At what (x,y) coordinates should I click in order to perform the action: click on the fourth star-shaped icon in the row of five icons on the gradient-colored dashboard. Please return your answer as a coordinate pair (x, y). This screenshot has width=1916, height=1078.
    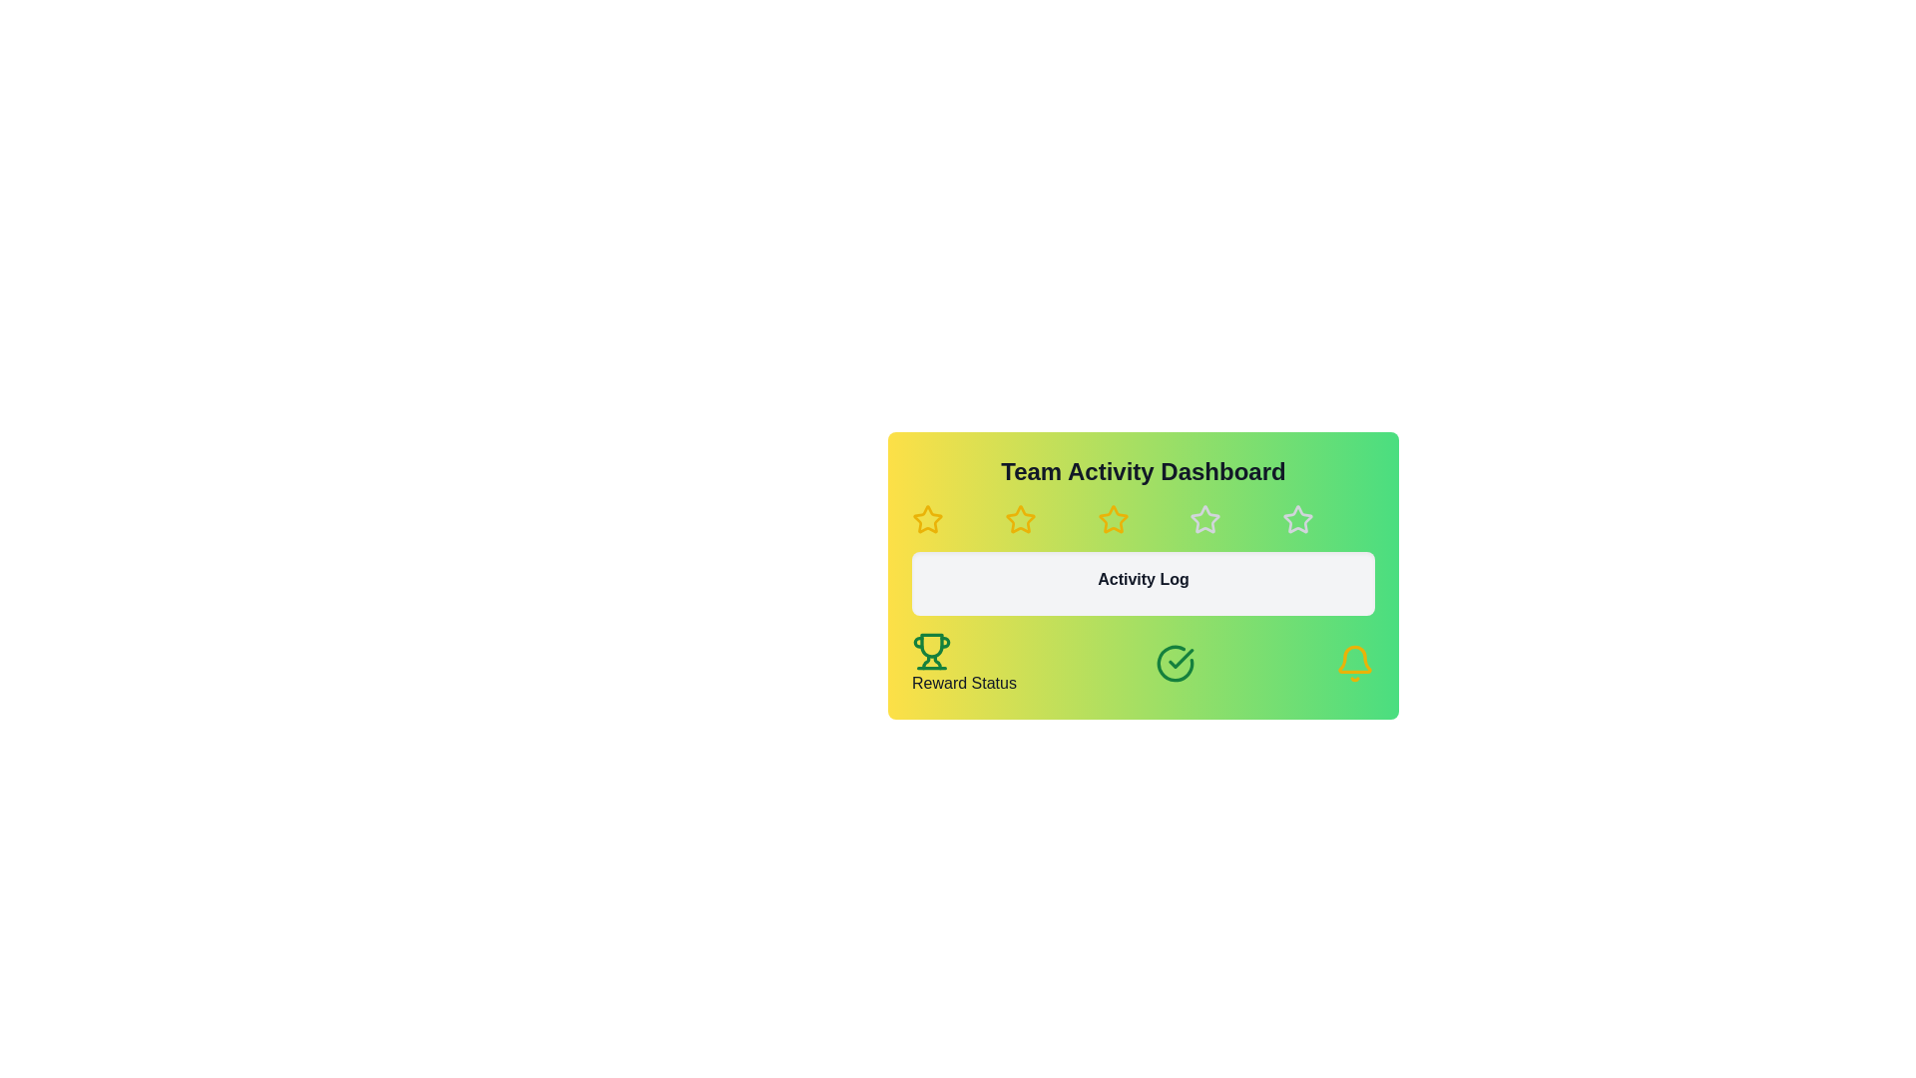
    Looking at the image, I should click on (1204, 518).